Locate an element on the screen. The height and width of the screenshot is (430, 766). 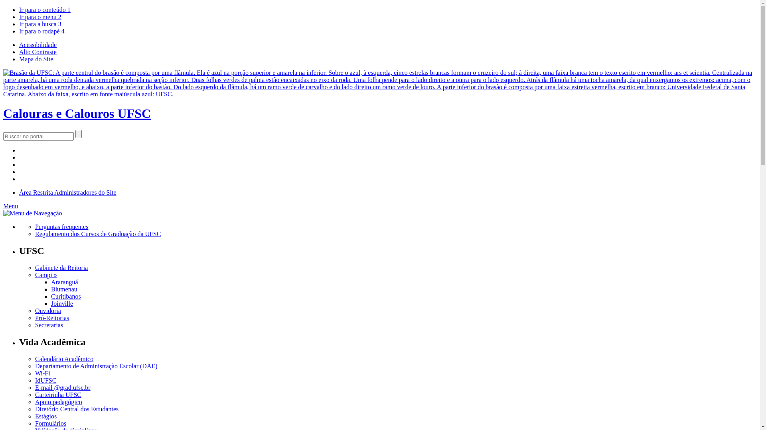
'Administradores do Site' is located at coordinates (53, 192).